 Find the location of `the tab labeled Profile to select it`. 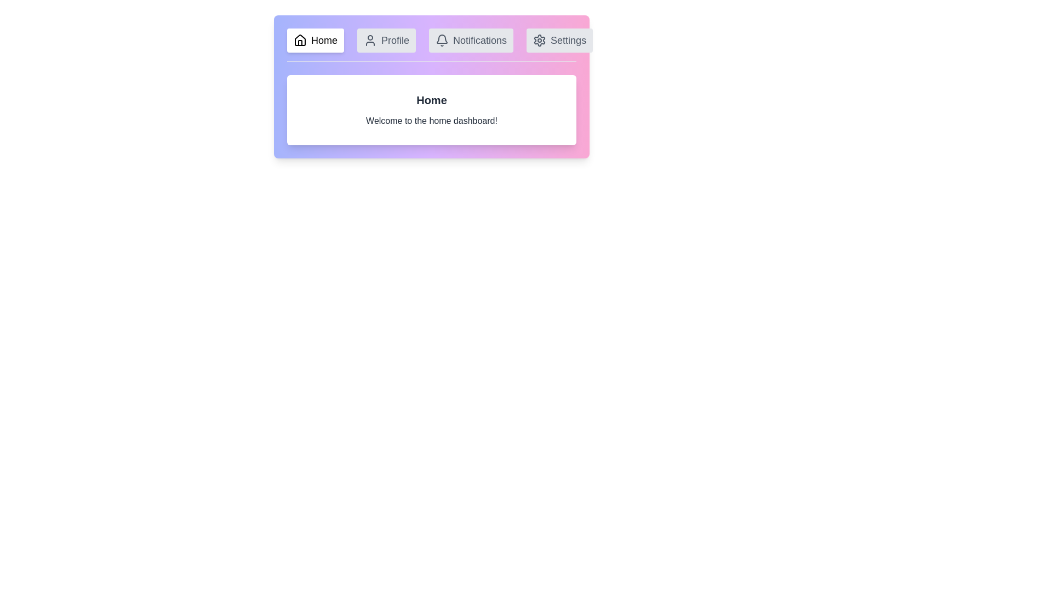

the tab labeled Profile to select it is located at coordinates (386, 39).